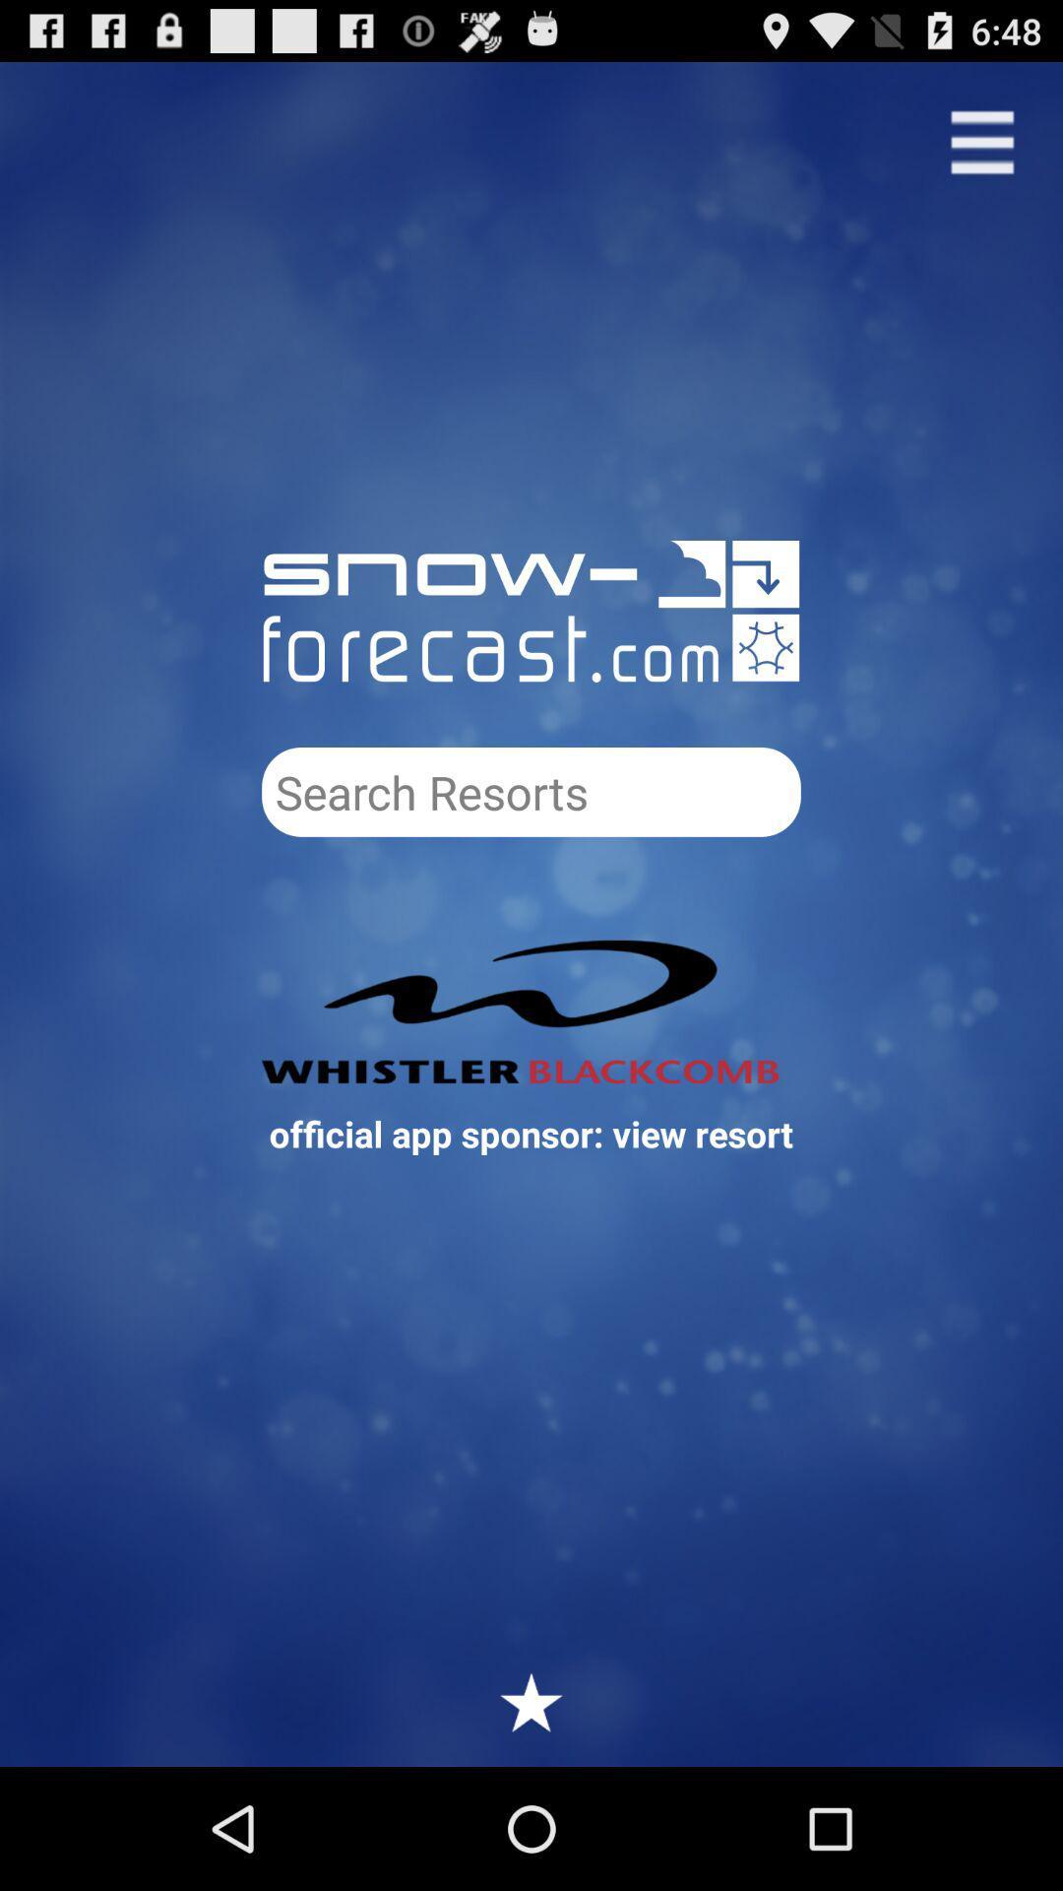 This screenshot has height=1891, width=1063. I want to click on the menu icon, so click(982, 151).